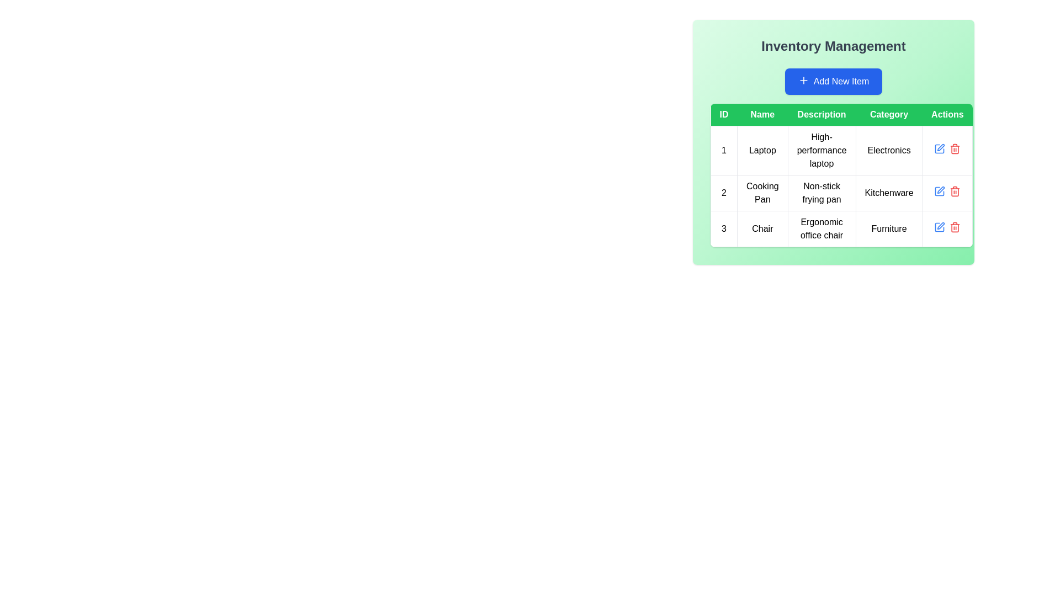 The image size is (1060, 596). Describe the element at coordinates (762, 151) in the screenshot. I see `the Text Label in the 'Inventory Management' table that denotes the name of the inventory item, located in the second column of the first row, adjacent to '1' on the left and 'High-performance laptop' on the right` at that location.